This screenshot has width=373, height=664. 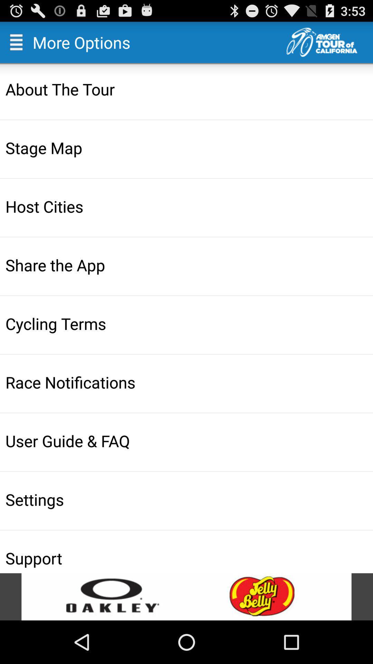 I want to click on icon above stage map, so click(x=187, y=89).